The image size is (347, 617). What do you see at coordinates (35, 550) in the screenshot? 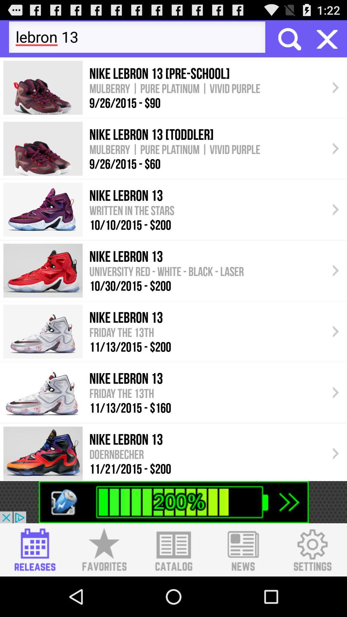
I see `releases sharing the information` at bounding box center [35, 550].